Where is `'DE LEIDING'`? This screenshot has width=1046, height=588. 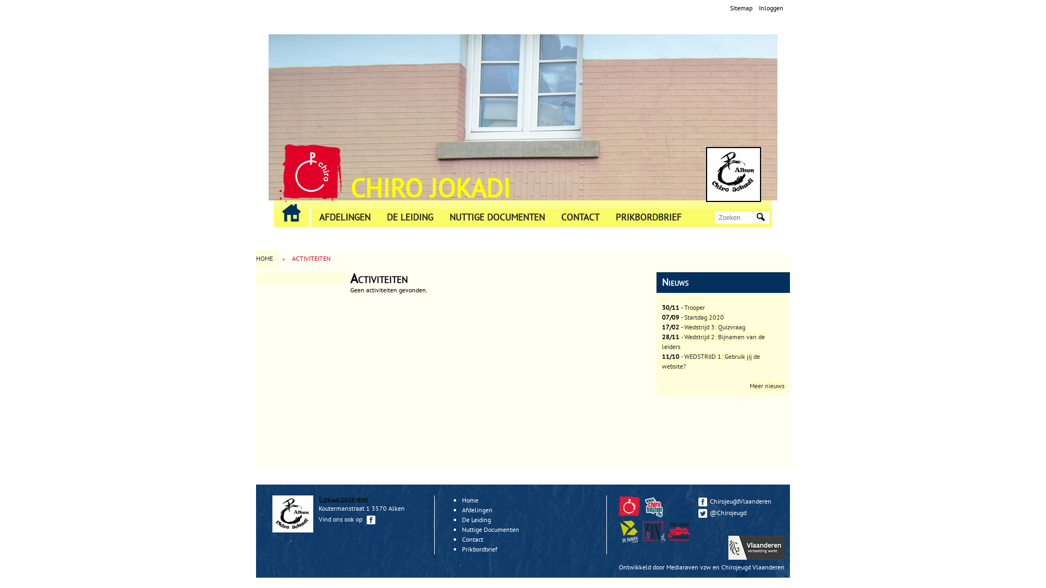
'DE LEIDING' is located at coordinates (379, 218).